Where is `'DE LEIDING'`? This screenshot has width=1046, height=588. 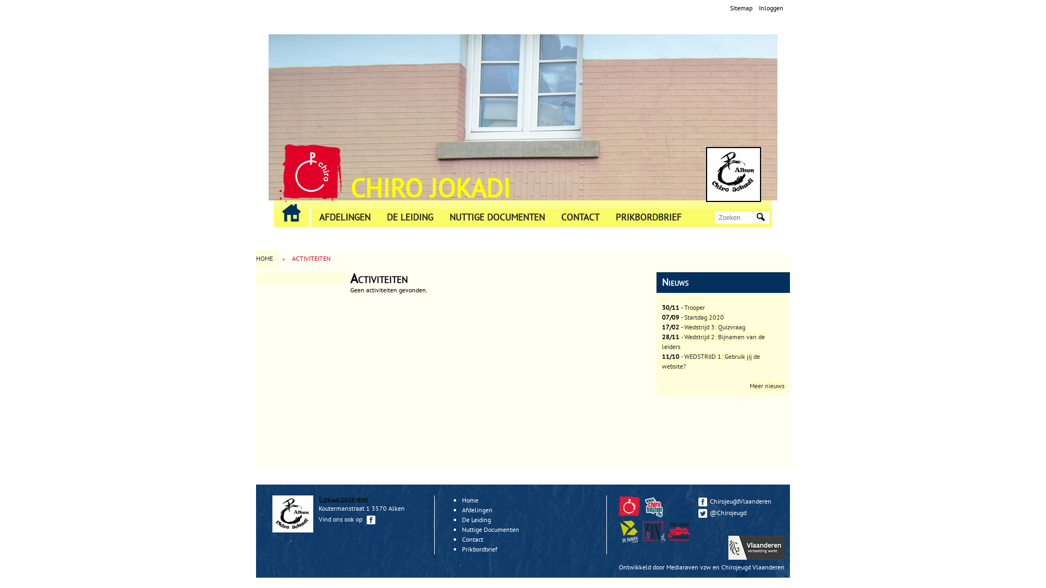
'DE LEIDING' is located at coordinates (379, 218).